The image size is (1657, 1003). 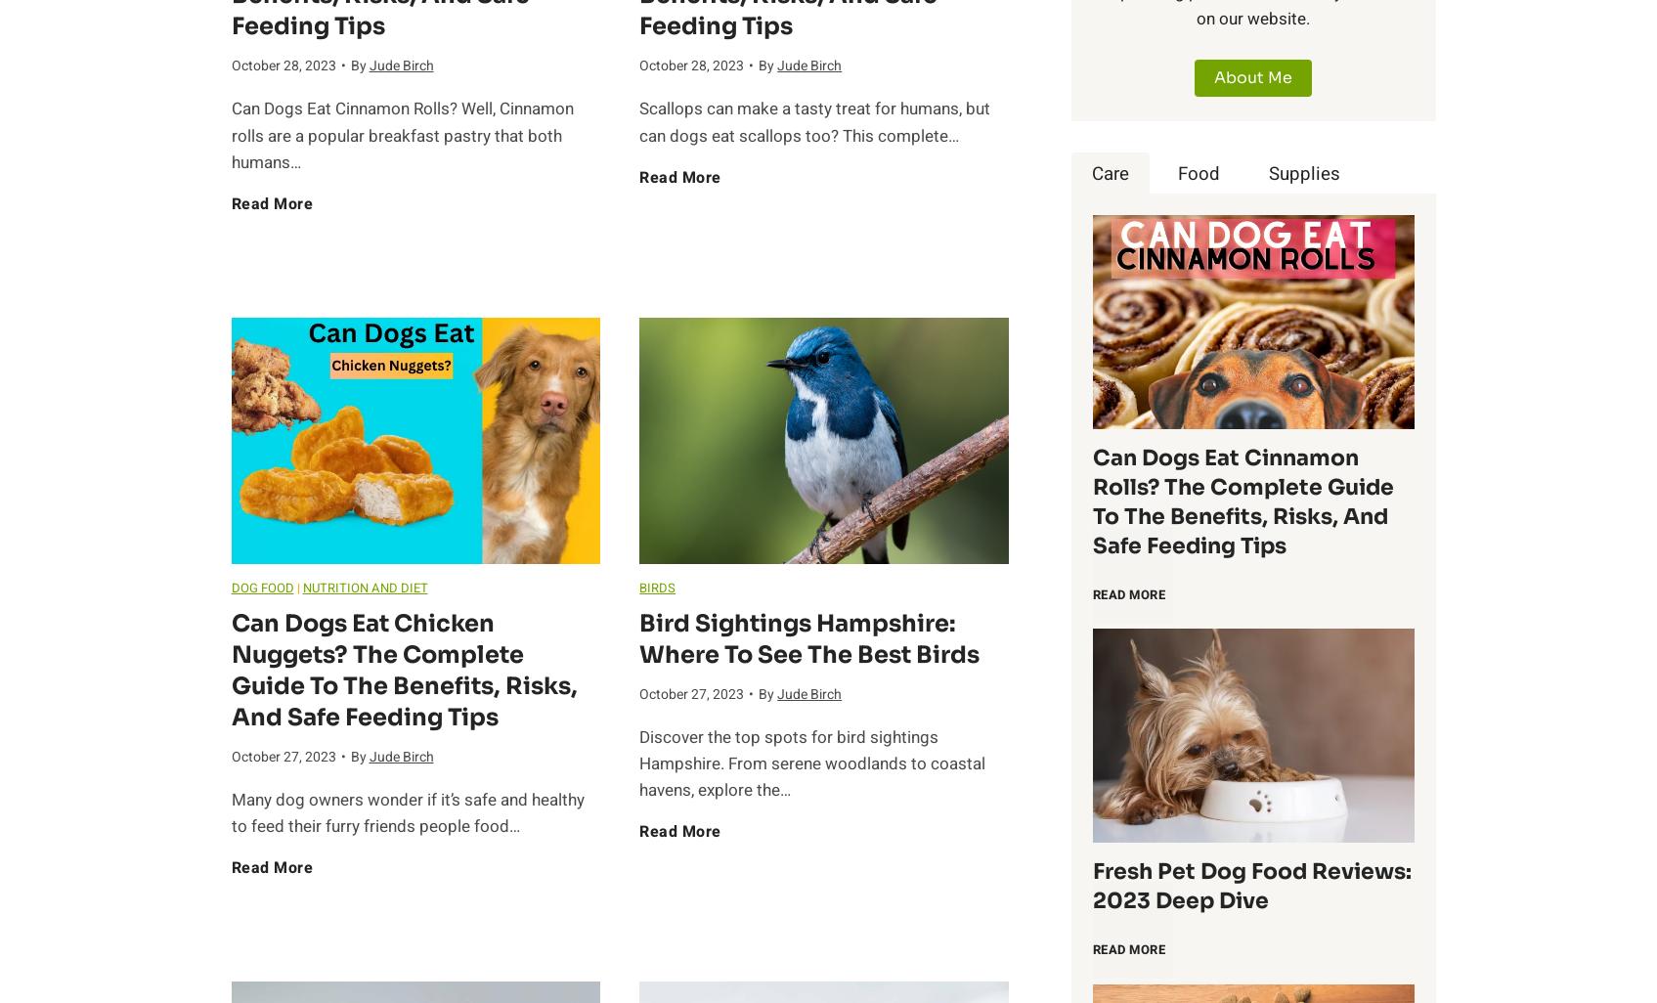 I want to click on 'Can Dogs Eat chicken nuggets? The Complete Guide to the Benefits, Risks, and Safe Feeding Tips', so click(x=404, y=668).